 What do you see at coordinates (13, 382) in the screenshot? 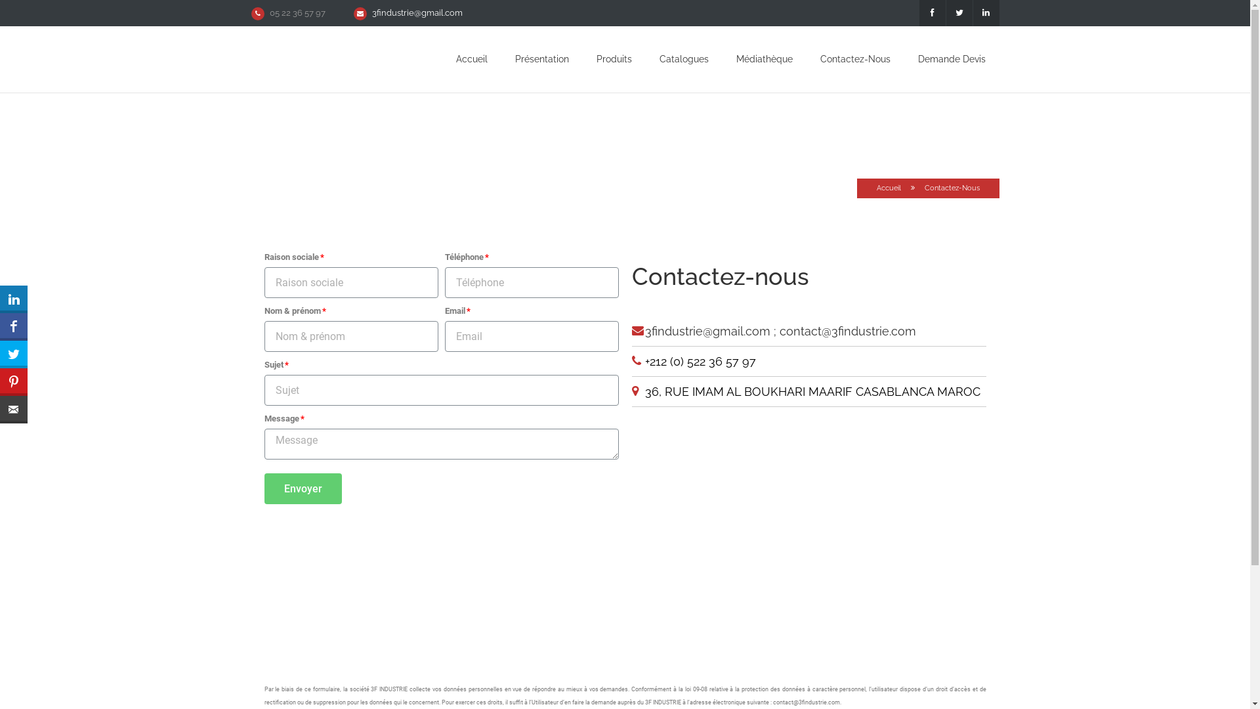
I see `'Share on Pinterest'` at bounding box center [13, 382].